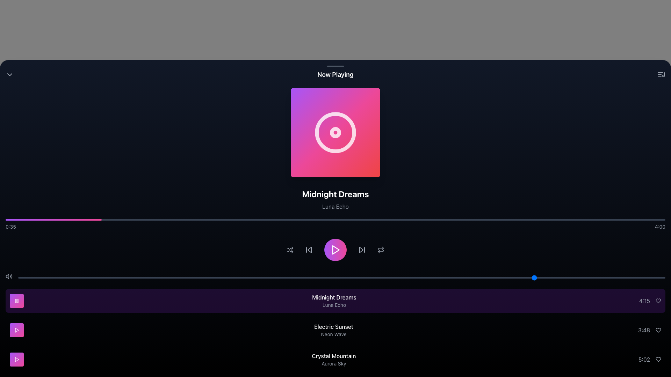  I want to click on the play icon, which is a triangular shape inside a rounded square button with a purple to pink gradient, so click(17, 359).